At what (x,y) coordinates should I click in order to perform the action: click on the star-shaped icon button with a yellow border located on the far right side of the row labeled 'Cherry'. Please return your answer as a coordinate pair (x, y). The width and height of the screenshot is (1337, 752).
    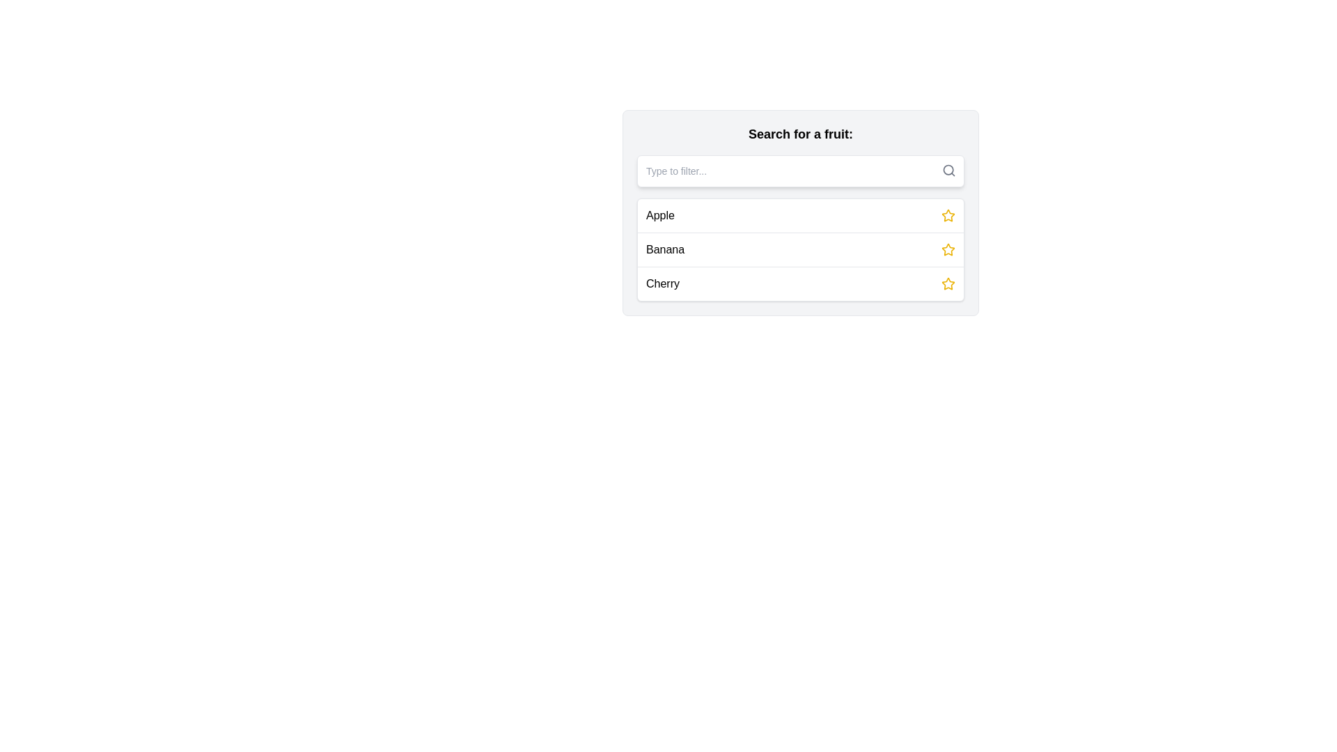
    Looking at the image, I should click on (948, 283).